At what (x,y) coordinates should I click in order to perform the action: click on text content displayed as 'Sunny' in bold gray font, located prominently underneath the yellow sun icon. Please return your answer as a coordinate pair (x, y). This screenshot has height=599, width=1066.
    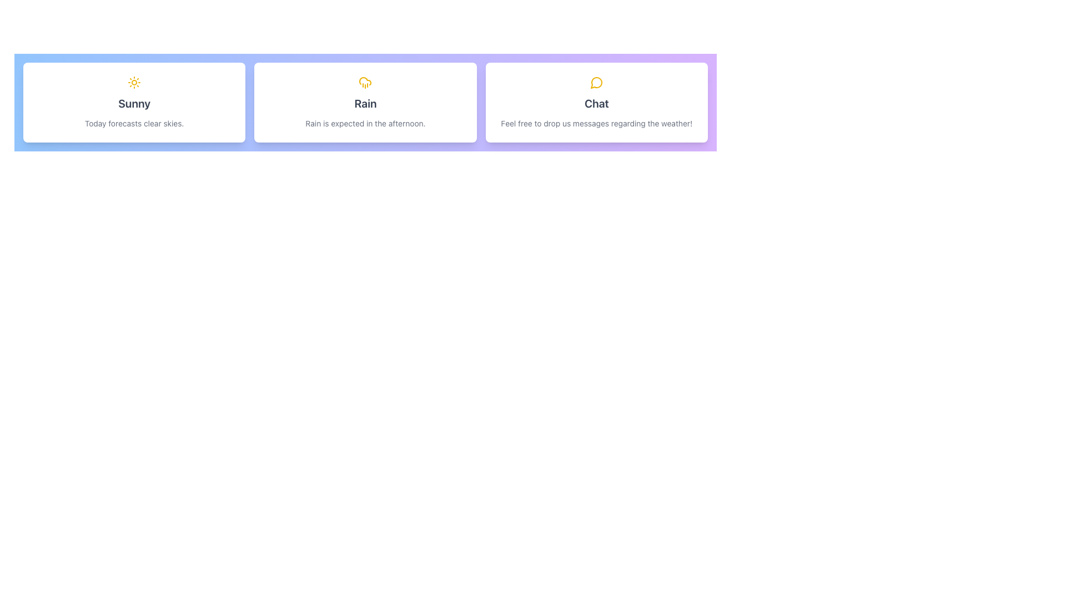
    Looking at the image, I should click on (134, 103).